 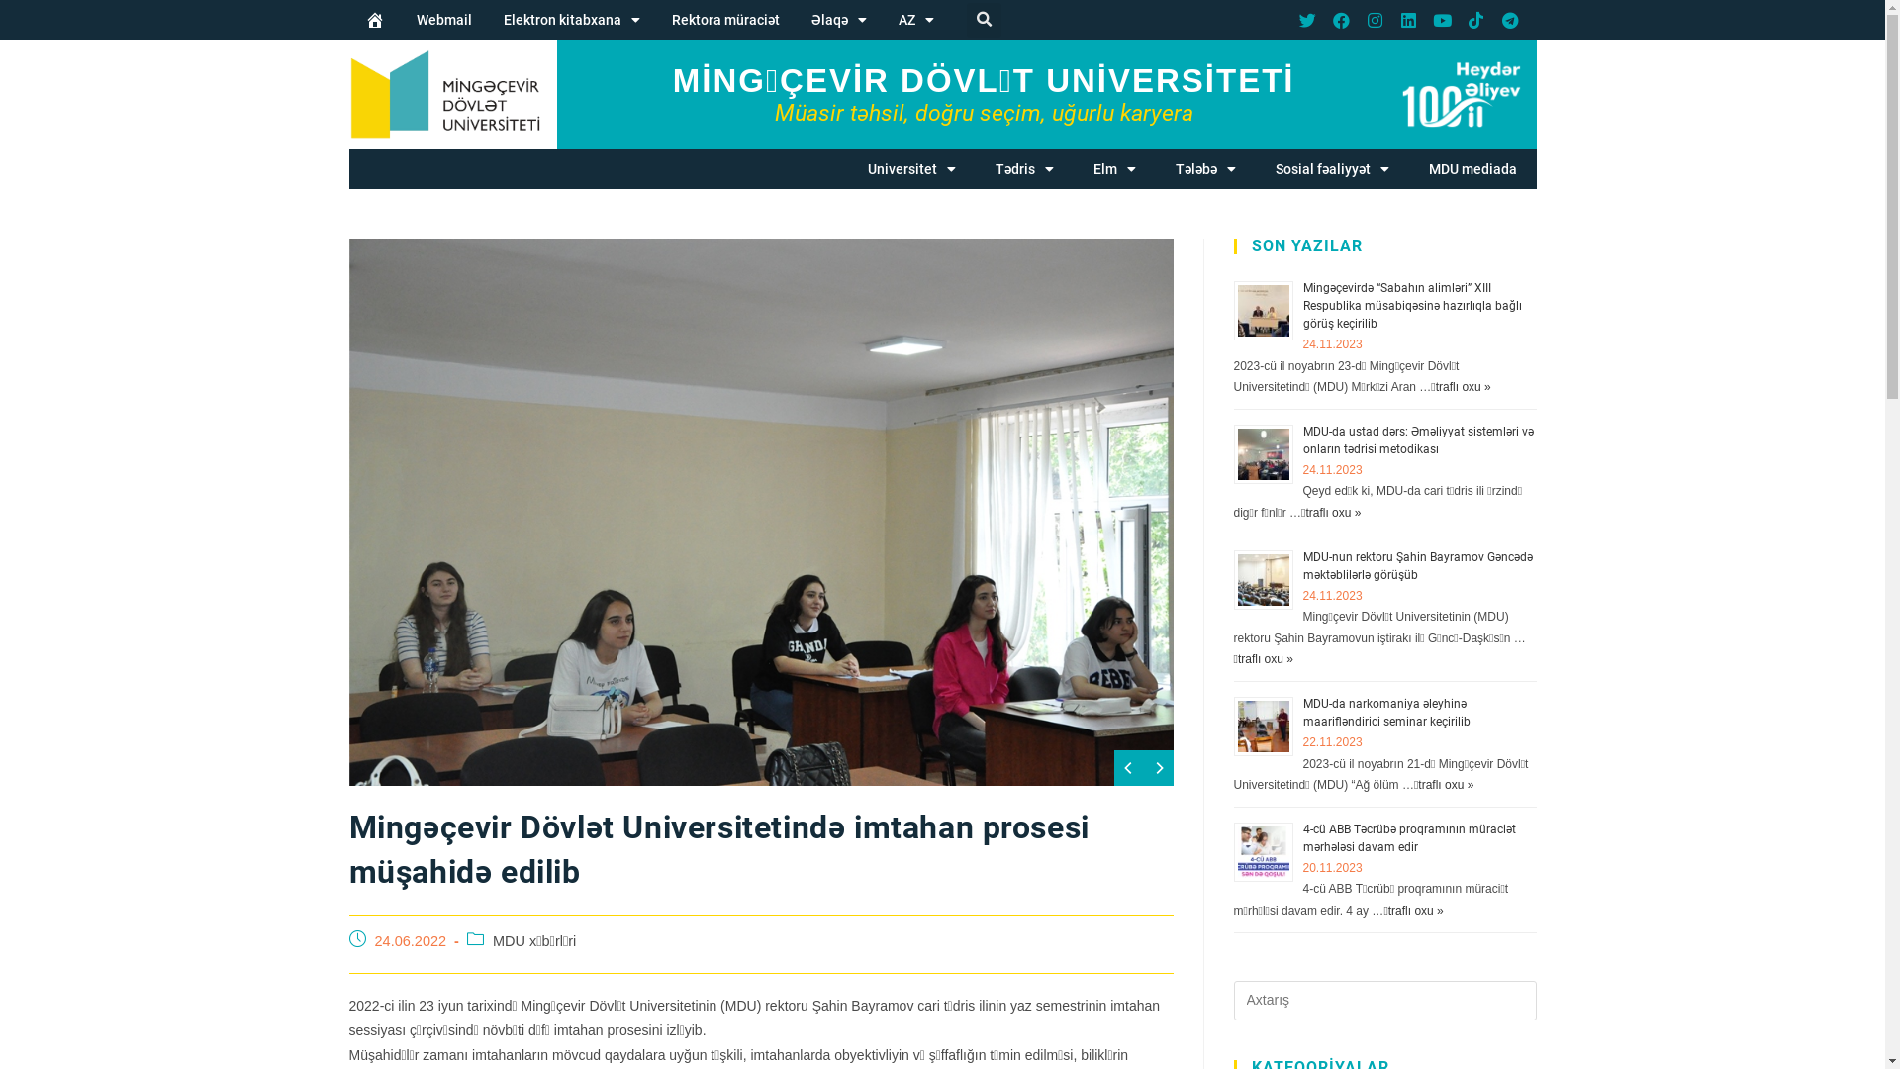 I want to click on 'Universitet', so click(x=909, y=167).